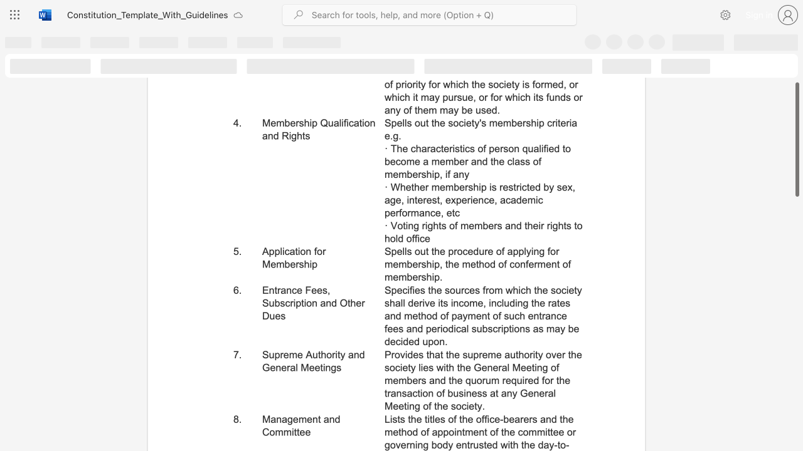 This screenshot has height=451, width=803. What do you see at coordinates (796, 139) in the screenshot?
I see `the scrollbar and move down 50 pixels` at bounding box center [796, 139].